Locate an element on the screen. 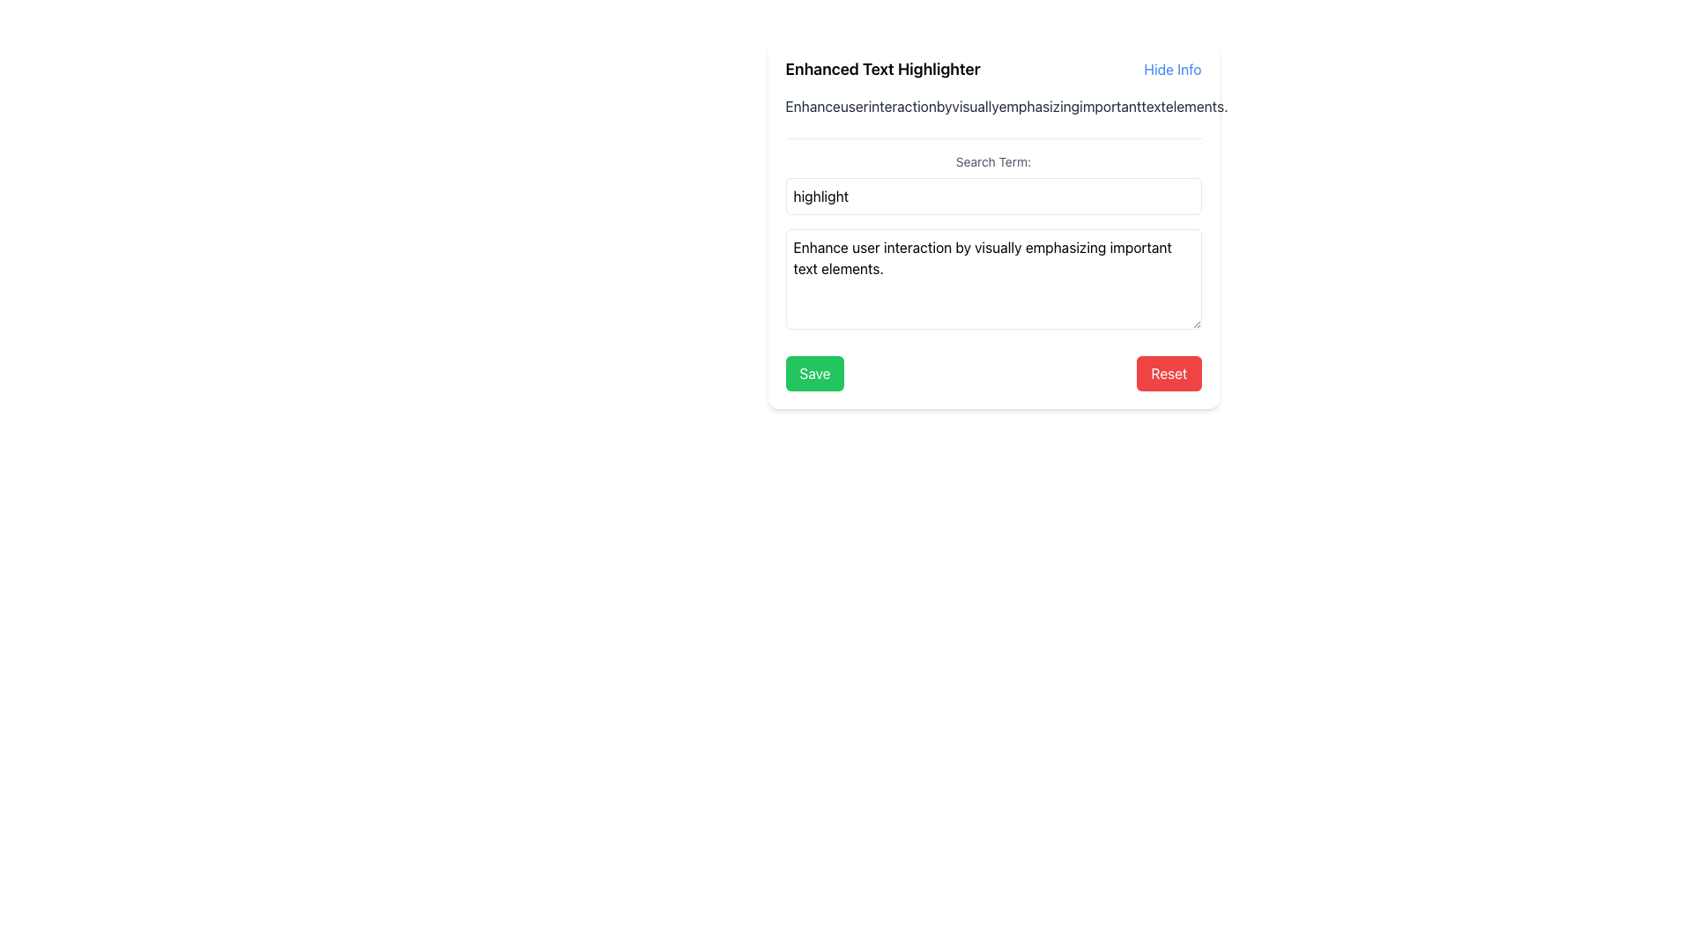  the last Text label that displays the last word of the descriptive sentence in the user interface, which is purely for visual display and textual context is located at coordinates (1197, 106).